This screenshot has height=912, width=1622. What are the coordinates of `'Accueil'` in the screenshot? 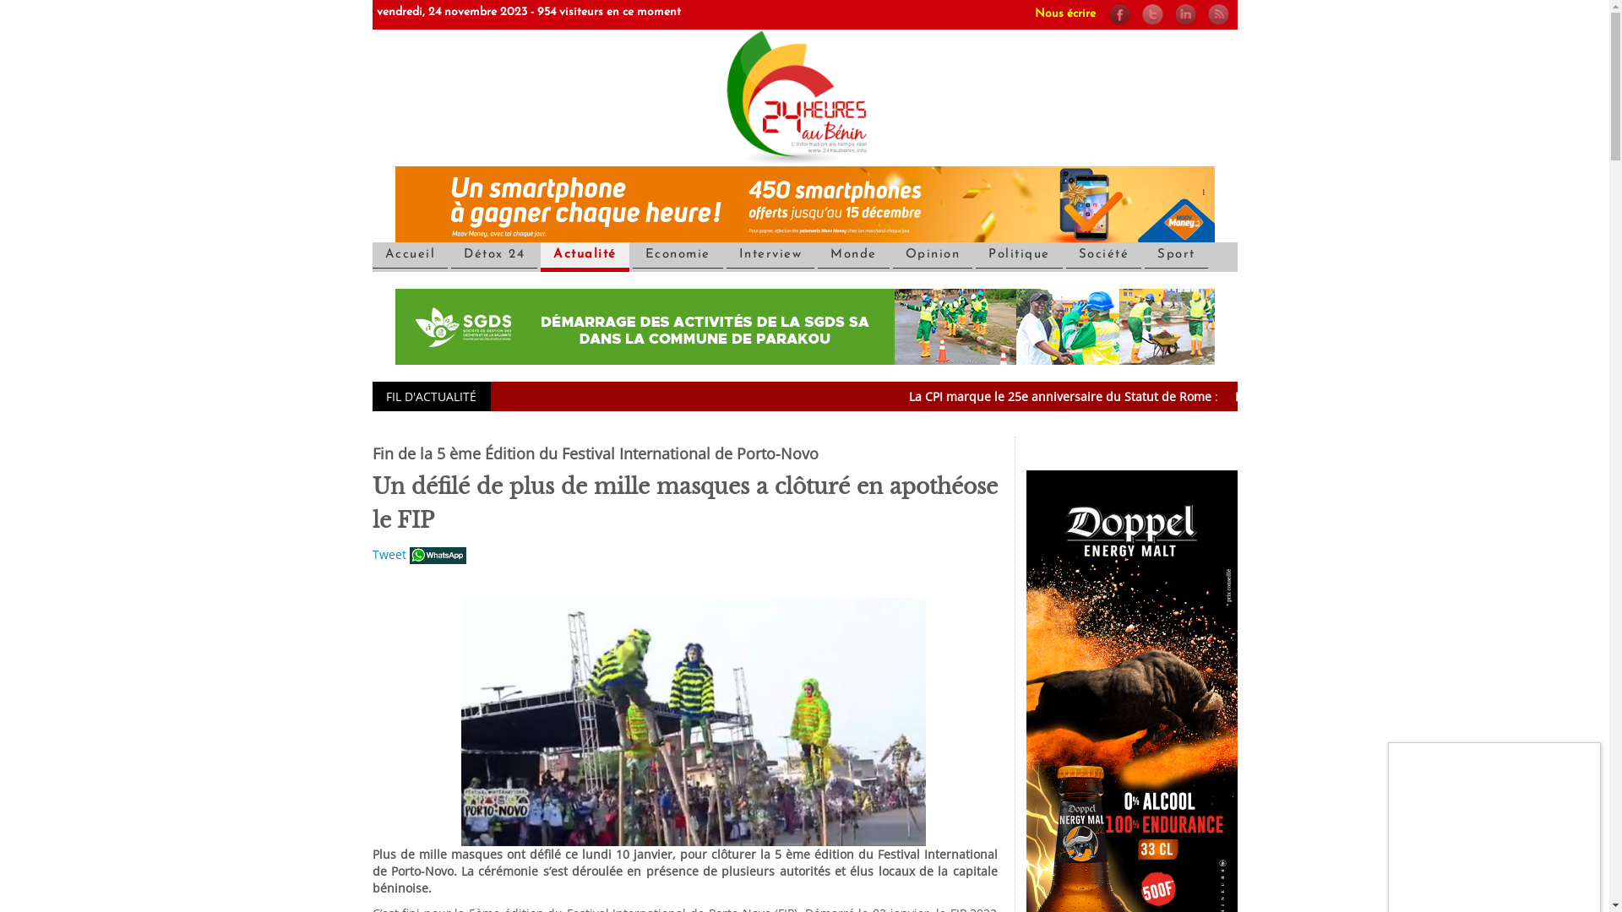 It's located at (409, 255).